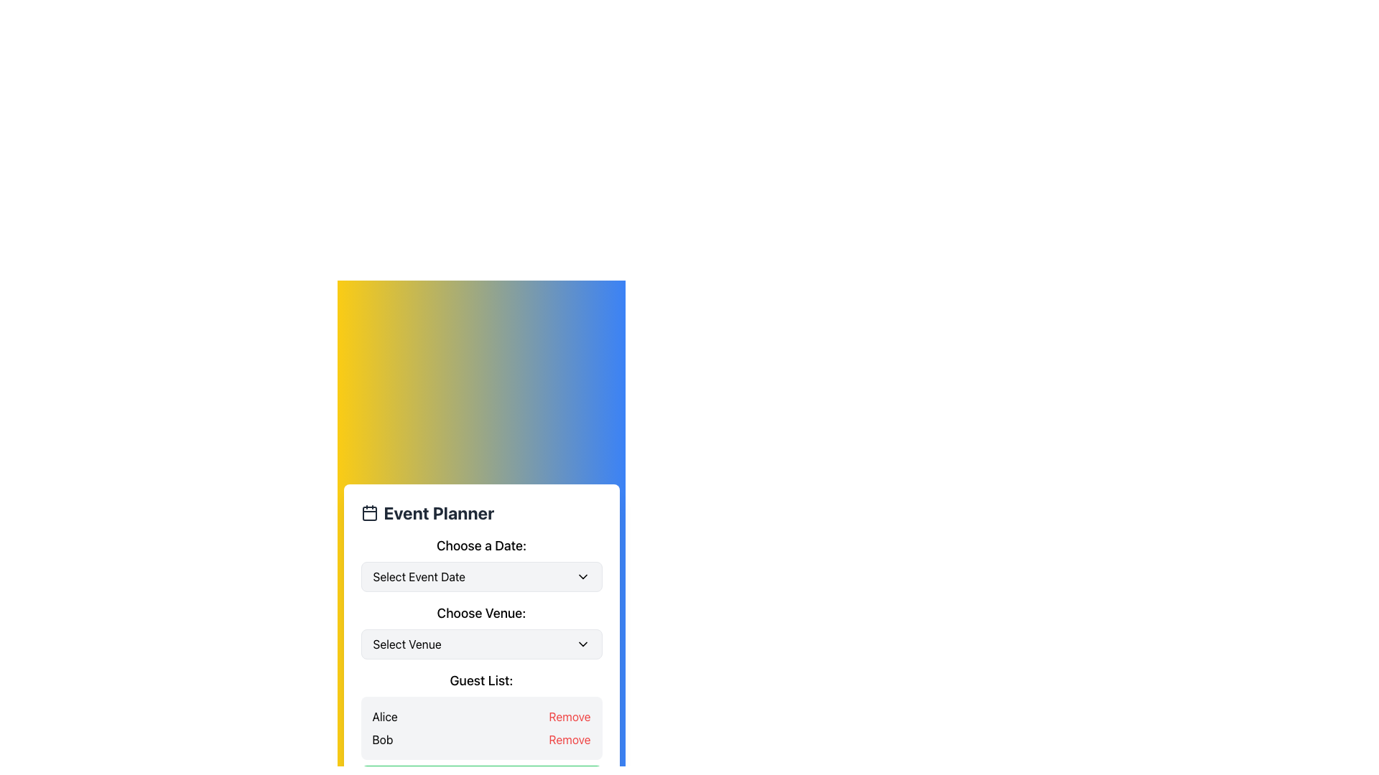 This screenshot has width=1379, height=775. What do you see at coordinates (481, 717) in the screenshot?
I see `the 'Remove' button associated with the list item displaying the name 'Alice'` at bounding box center [481, 717].